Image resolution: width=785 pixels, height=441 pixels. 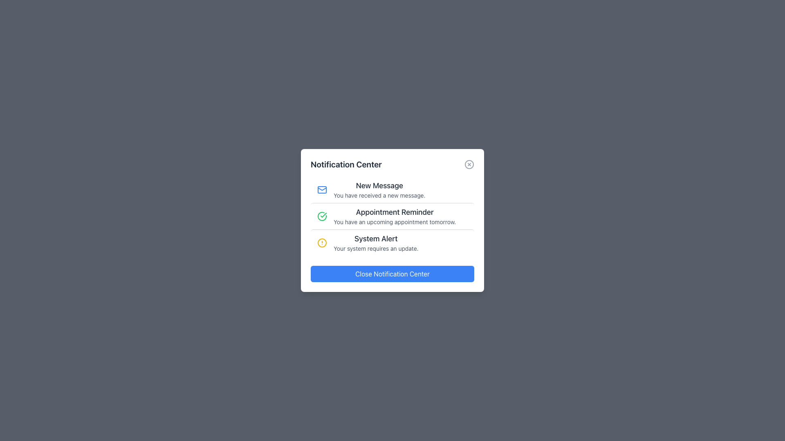 What do you see at coordinates (392, 215) in the screenshot?
I see `the second notification item in the Notification Center, which contains a green checkmark icon and the title 'Appointment Reminder'` at bounding box center [392, 215].